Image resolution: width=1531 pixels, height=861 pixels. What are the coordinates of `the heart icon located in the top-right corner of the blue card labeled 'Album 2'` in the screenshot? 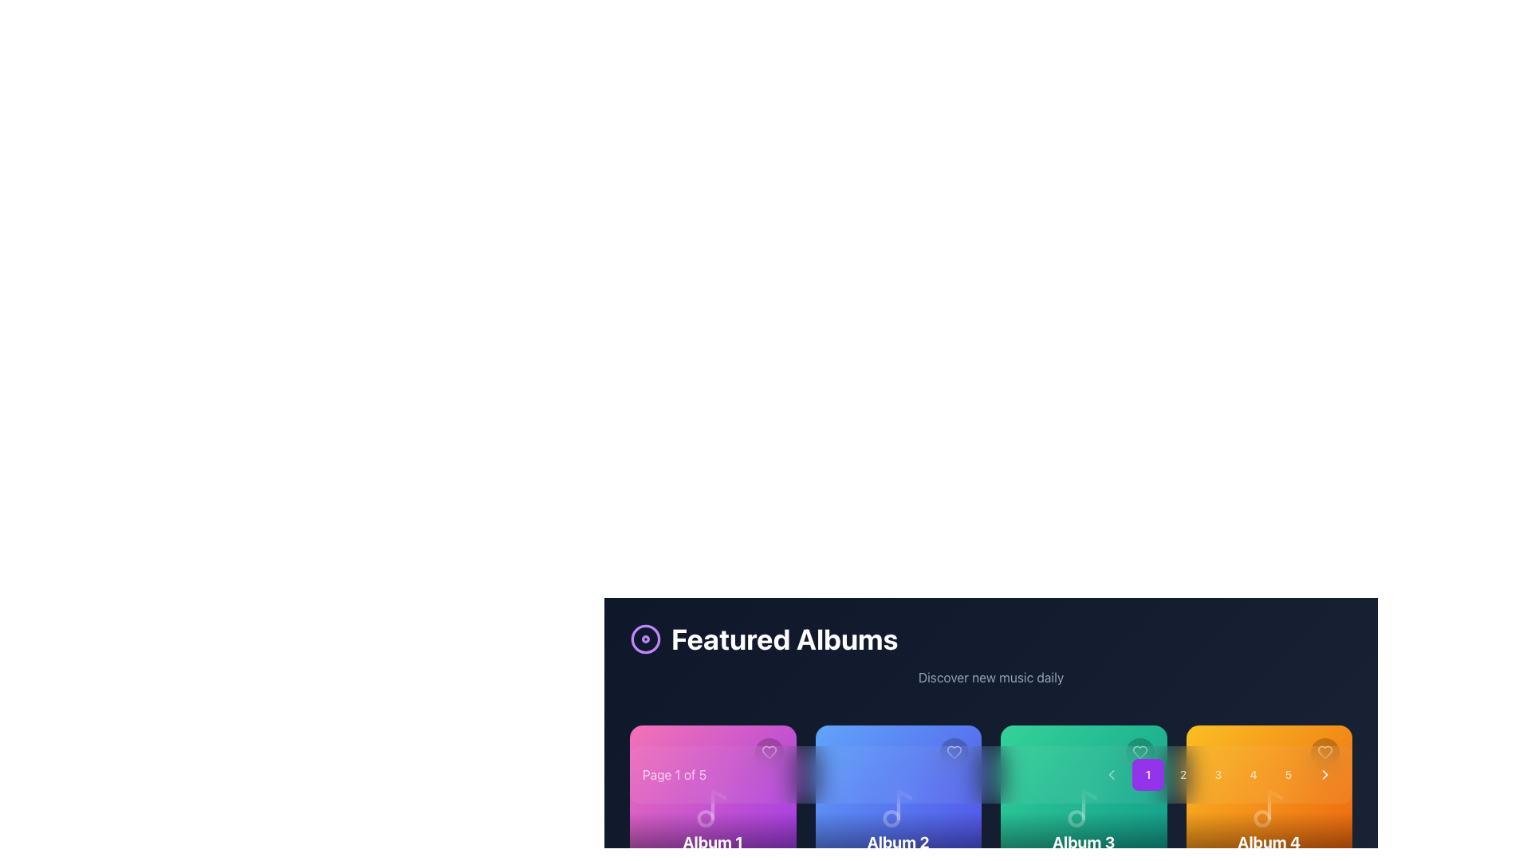 It's located at (954, 753).